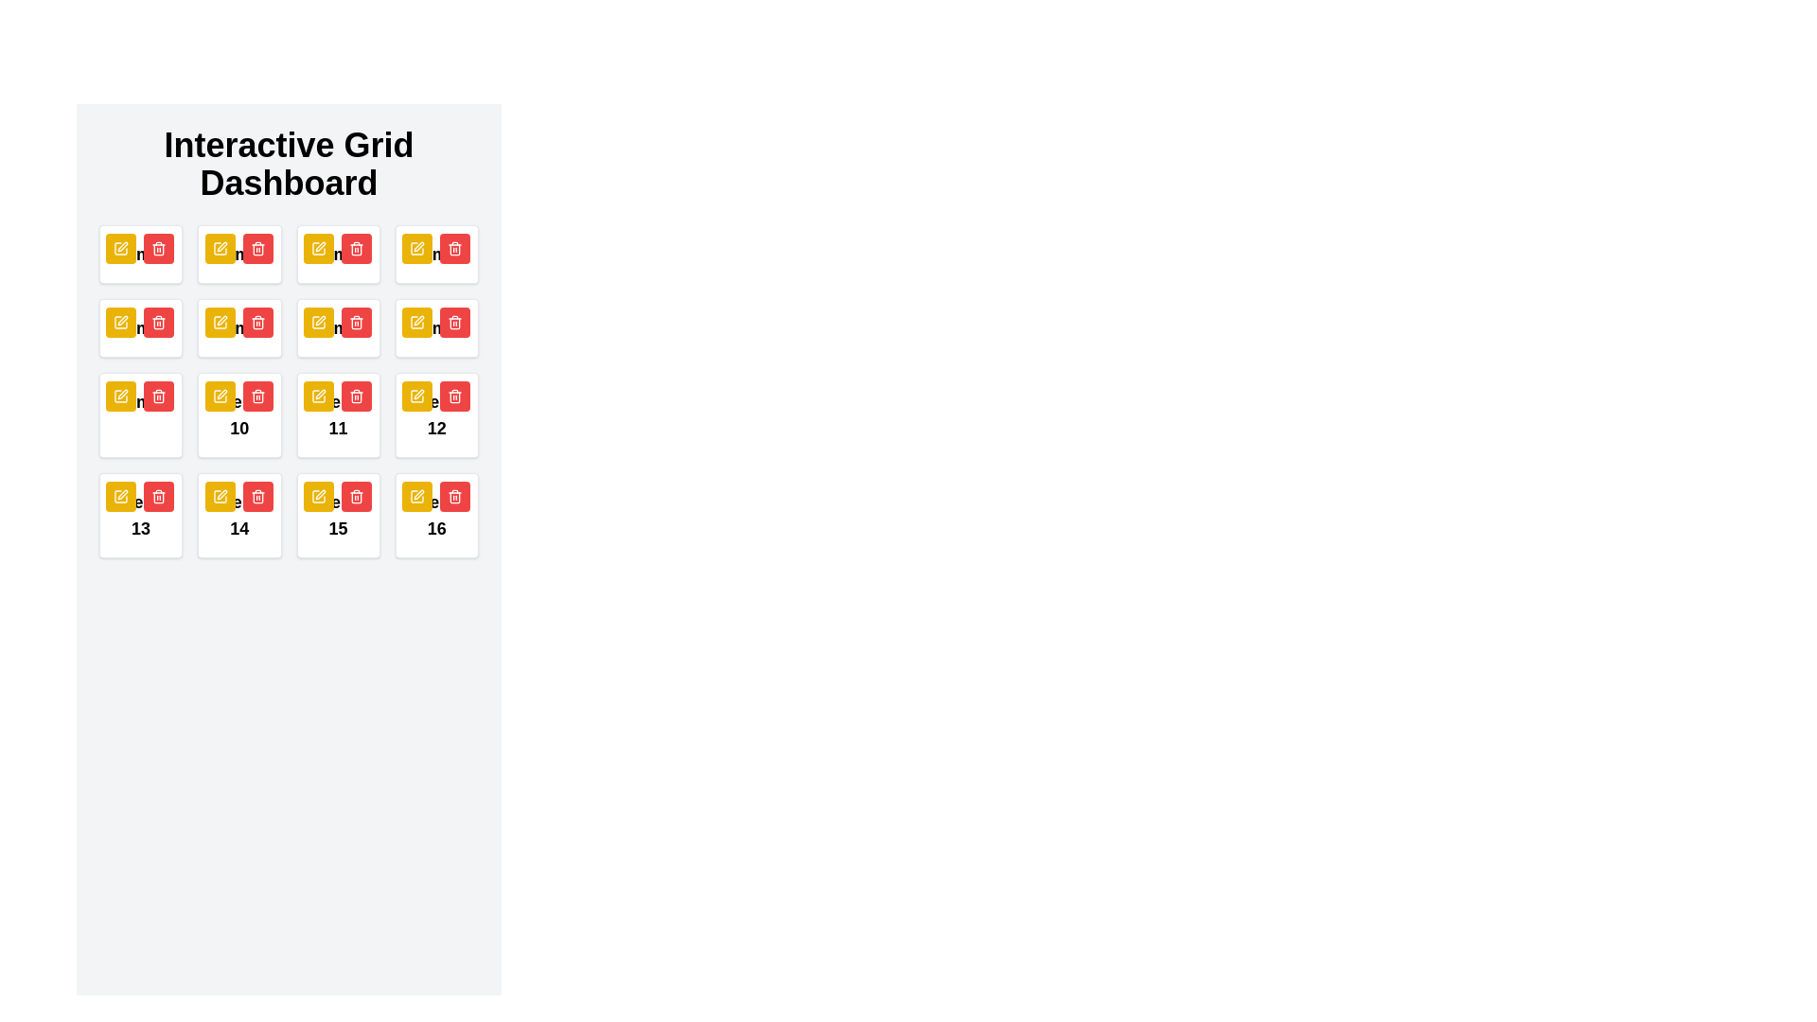 The width and height of the screenshot is (1817, 1022). What do you see at coordinates (159, 396) in the screenshot?
I see `the red rectangular button with a trash can icon located at the top-right corner of grid cell 9` at bounding box center [159, 396].